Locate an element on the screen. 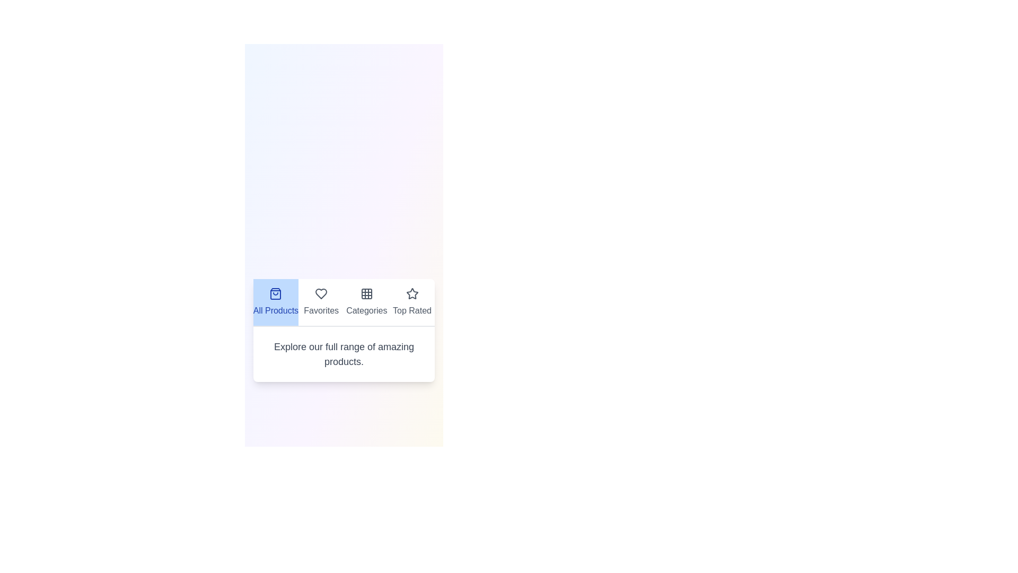 Image resolution: width=1018 pixels, height=573 pixels. the Favorites tab to display its contents is located at coordinates (321, 302).